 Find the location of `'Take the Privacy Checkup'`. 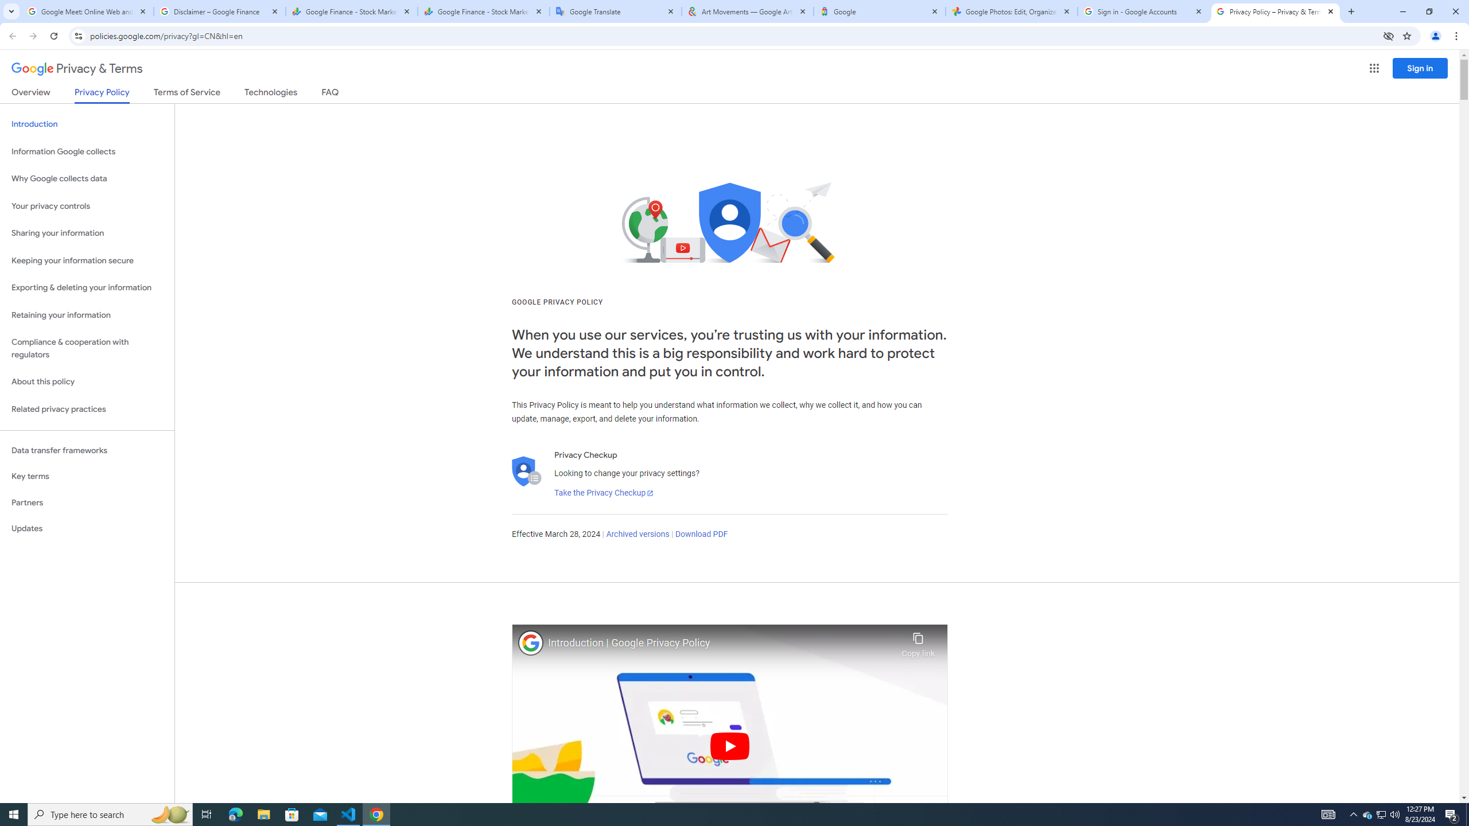

'Take the Privacy Checkup' is located at coordinates (603, 492).